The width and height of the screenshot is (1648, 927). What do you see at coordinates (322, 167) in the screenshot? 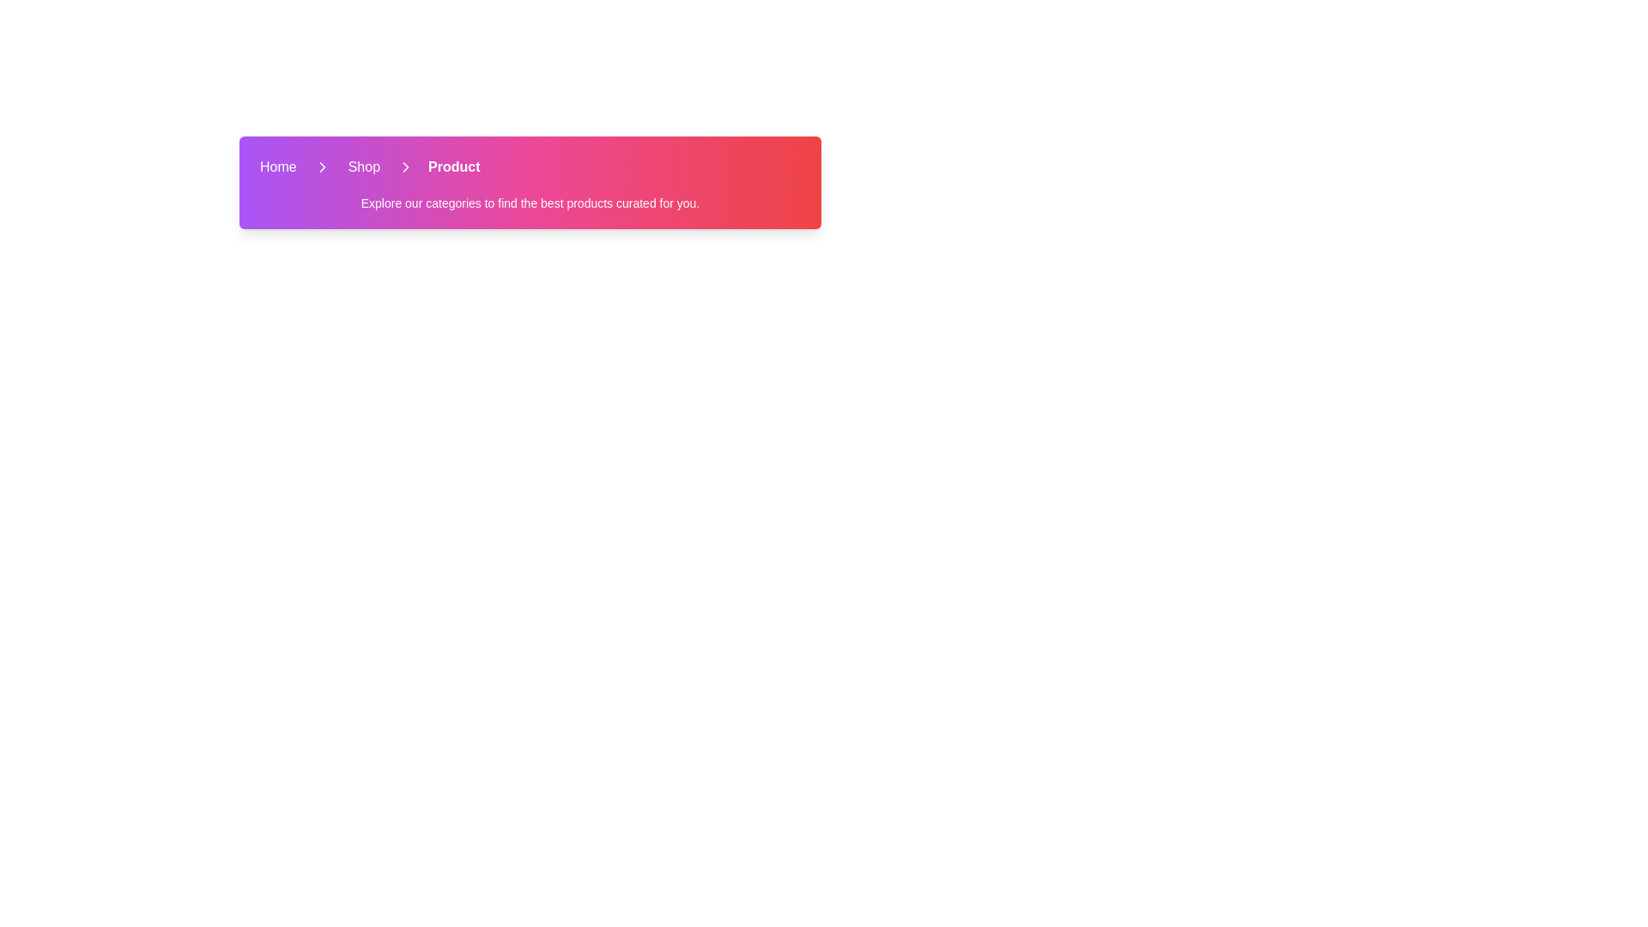
I see `the chevron icon in the breadcrumb navigation bar, which visually separates the 'Shop' and 'Product' items` at bounding box center [322, 167].